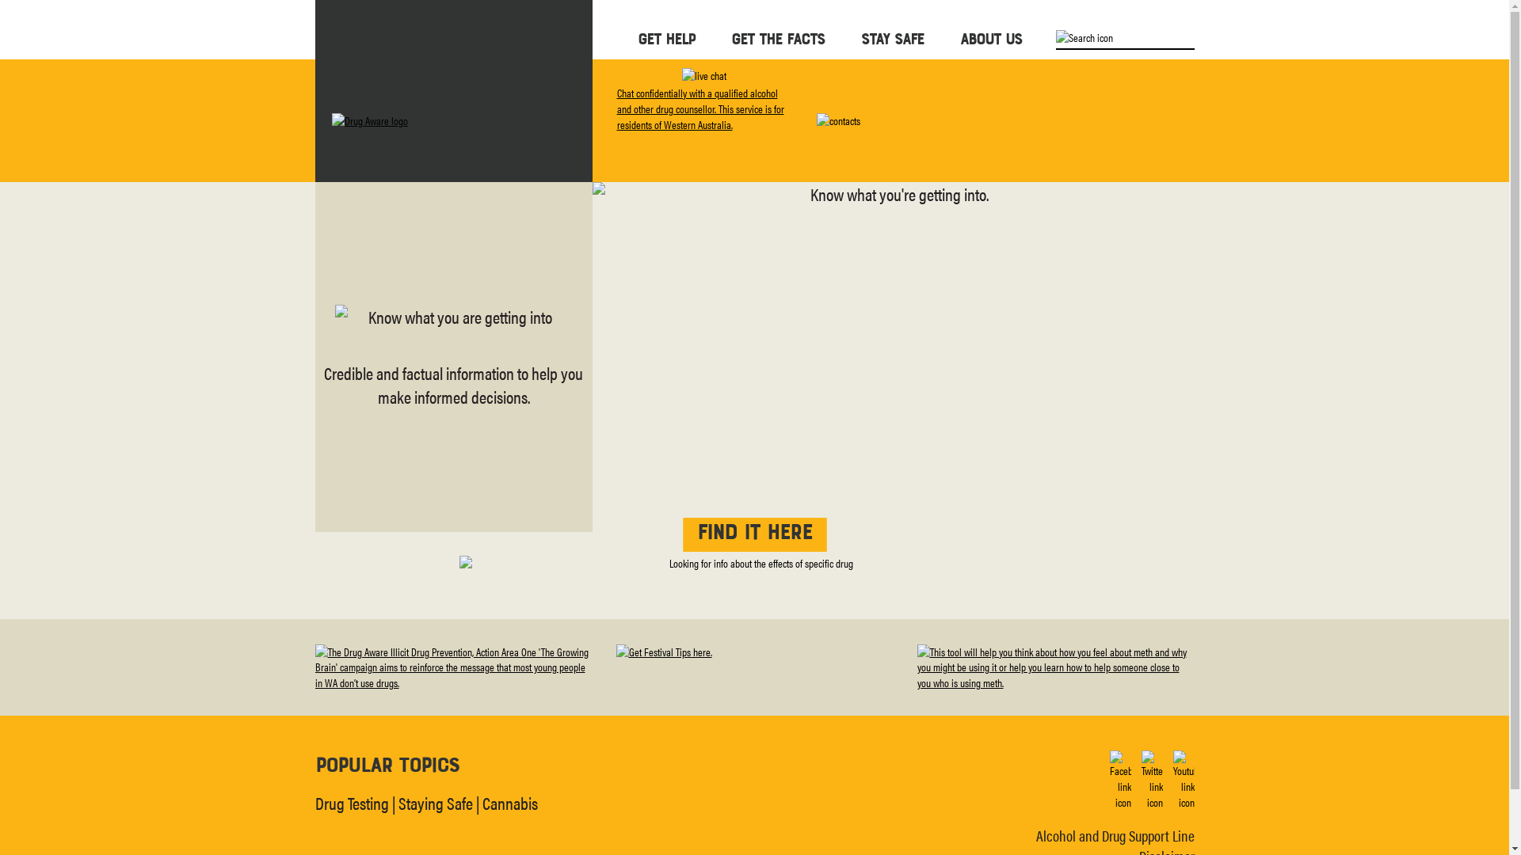 The image size is (1521, 855). What do you see at coordinates (637, 37) in the screenshot?
I see `'GET HELP'` at bounding box center [637, 37].